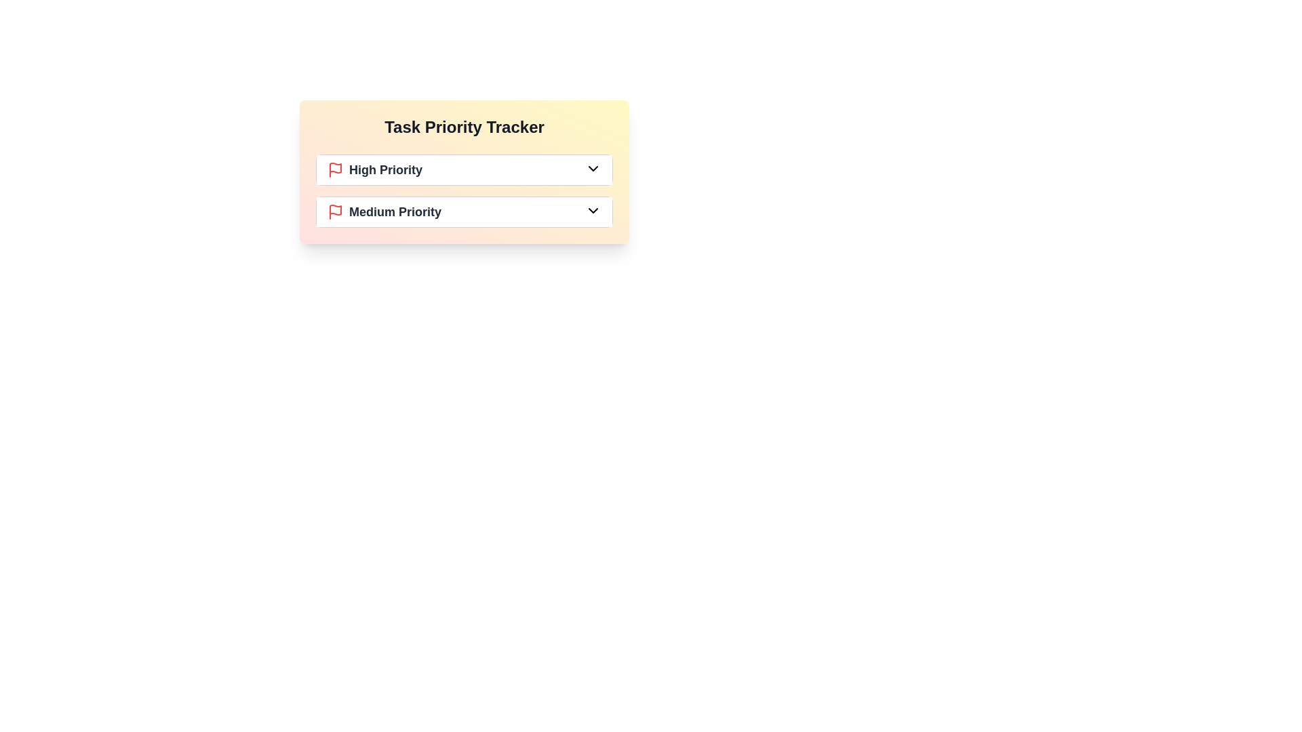 The width and height of the screenshot is (1302, 732). I want to click on the header of the Task Priority Tracker component, so click(465, 127).